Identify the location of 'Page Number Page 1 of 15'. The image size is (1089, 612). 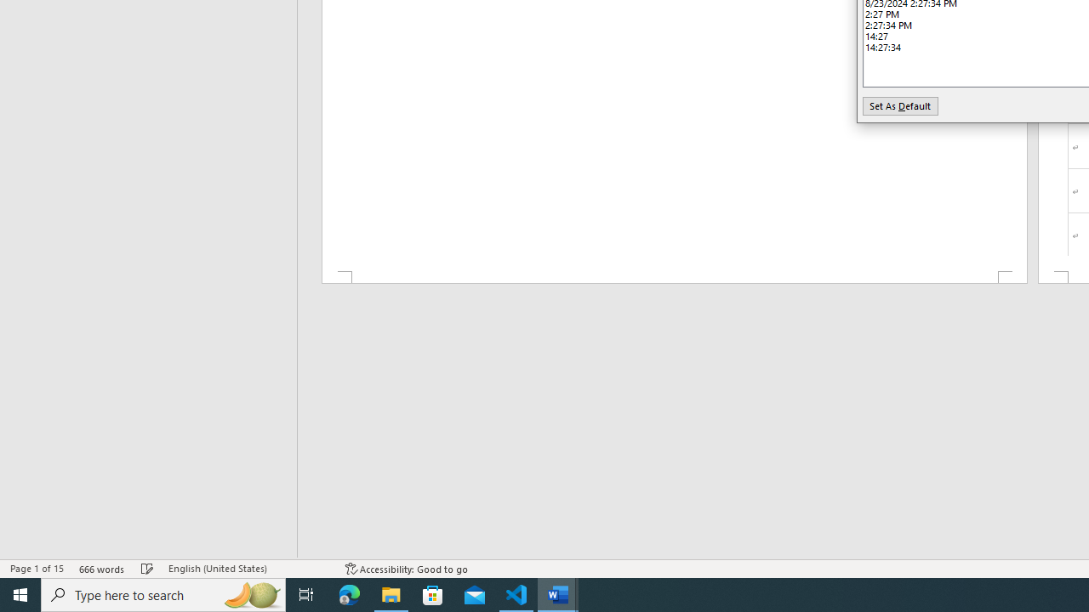
(37, 569).